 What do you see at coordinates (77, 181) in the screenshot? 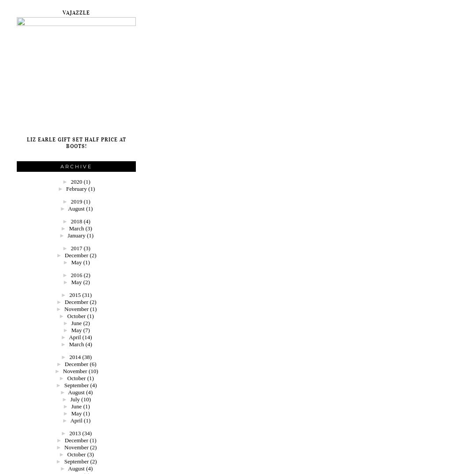
I see `'2020'` at bounding box center [77, 181].